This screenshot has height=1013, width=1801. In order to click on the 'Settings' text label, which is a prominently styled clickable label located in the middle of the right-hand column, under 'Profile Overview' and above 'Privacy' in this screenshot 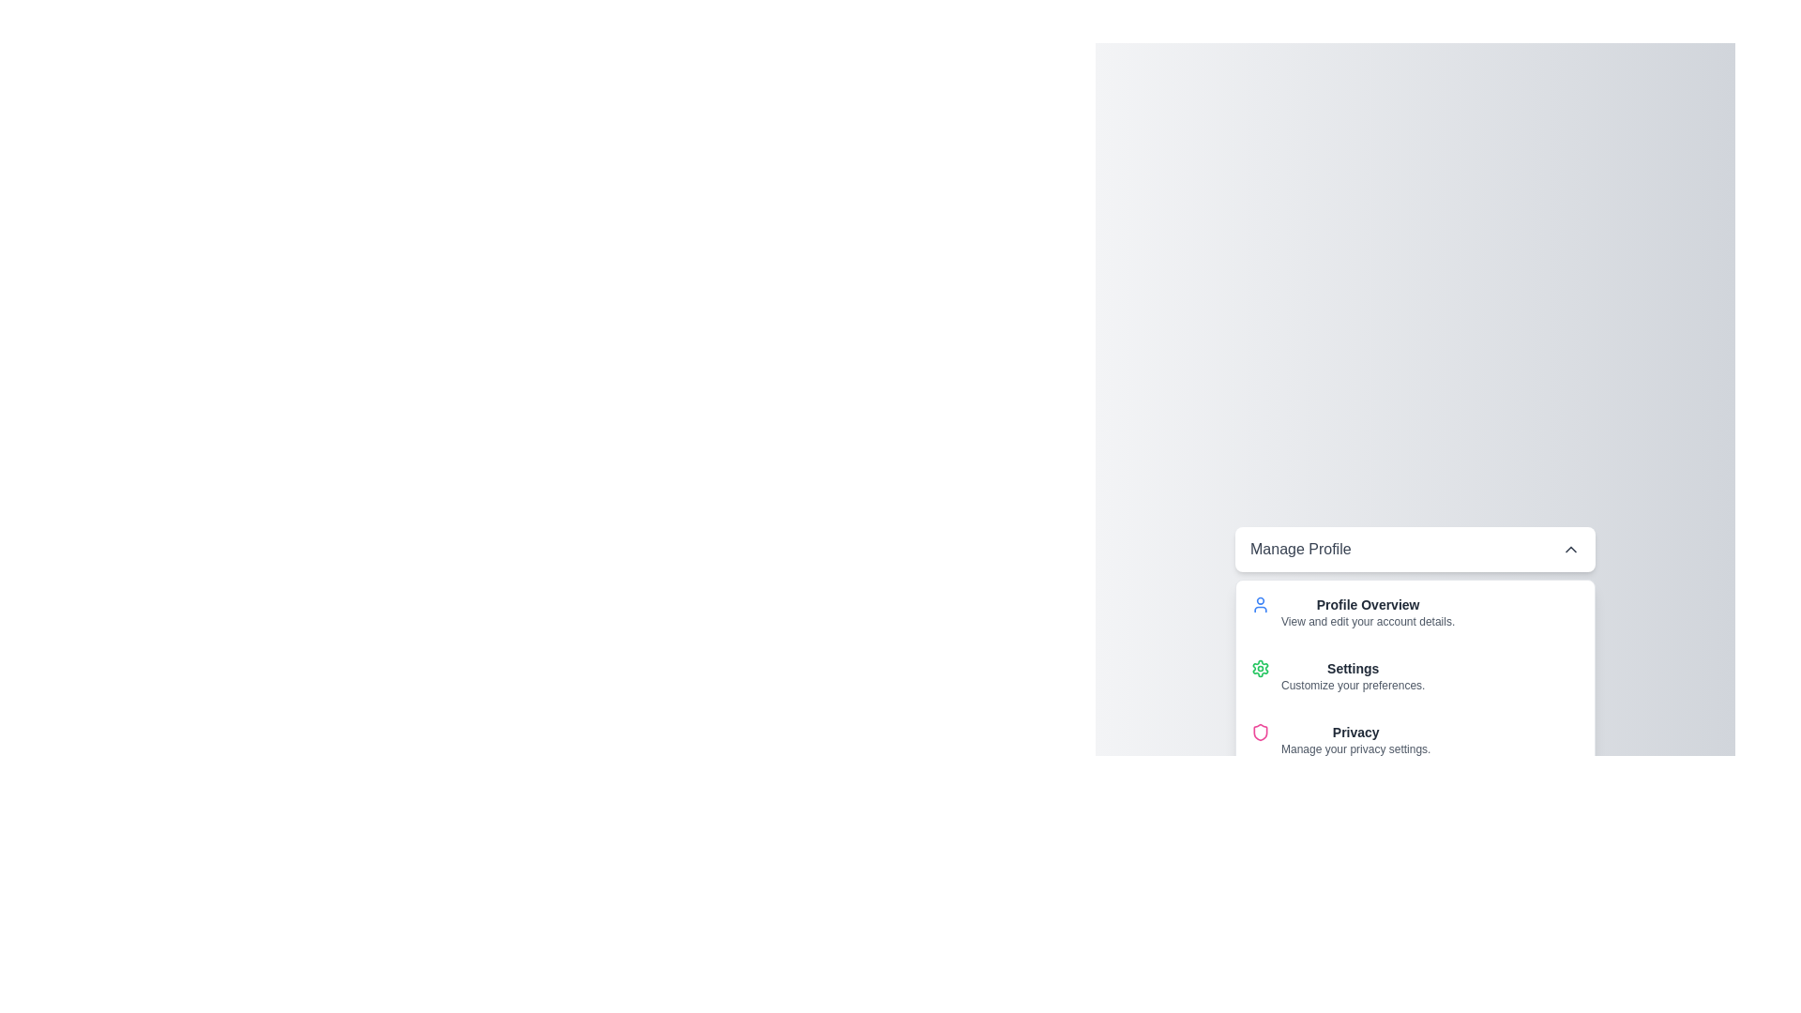, I will do `click(1353, 668)`.